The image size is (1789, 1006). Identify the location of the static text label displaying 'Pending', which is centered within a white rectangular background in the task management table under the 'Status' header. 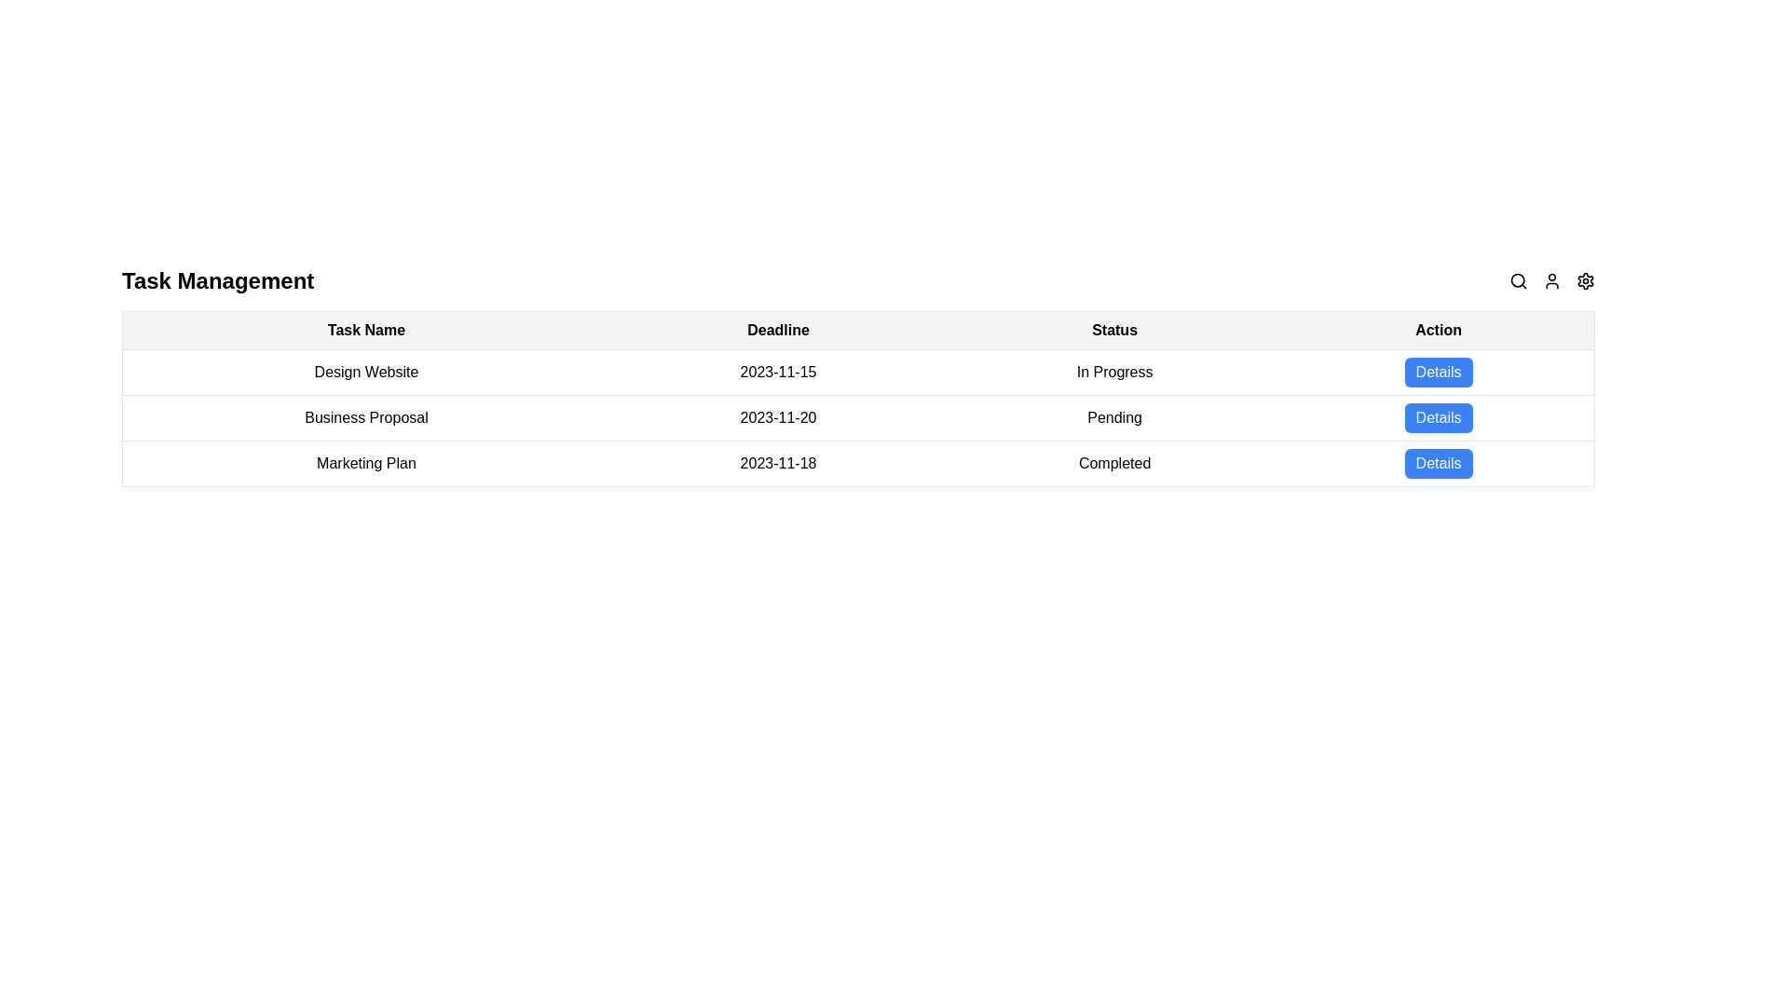
(1114, 416).